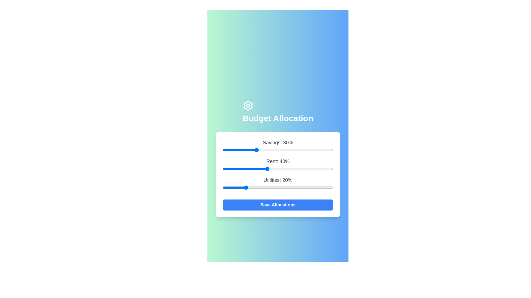  I want to click on the 'Rent' slider to 60%, so click(289, 169).